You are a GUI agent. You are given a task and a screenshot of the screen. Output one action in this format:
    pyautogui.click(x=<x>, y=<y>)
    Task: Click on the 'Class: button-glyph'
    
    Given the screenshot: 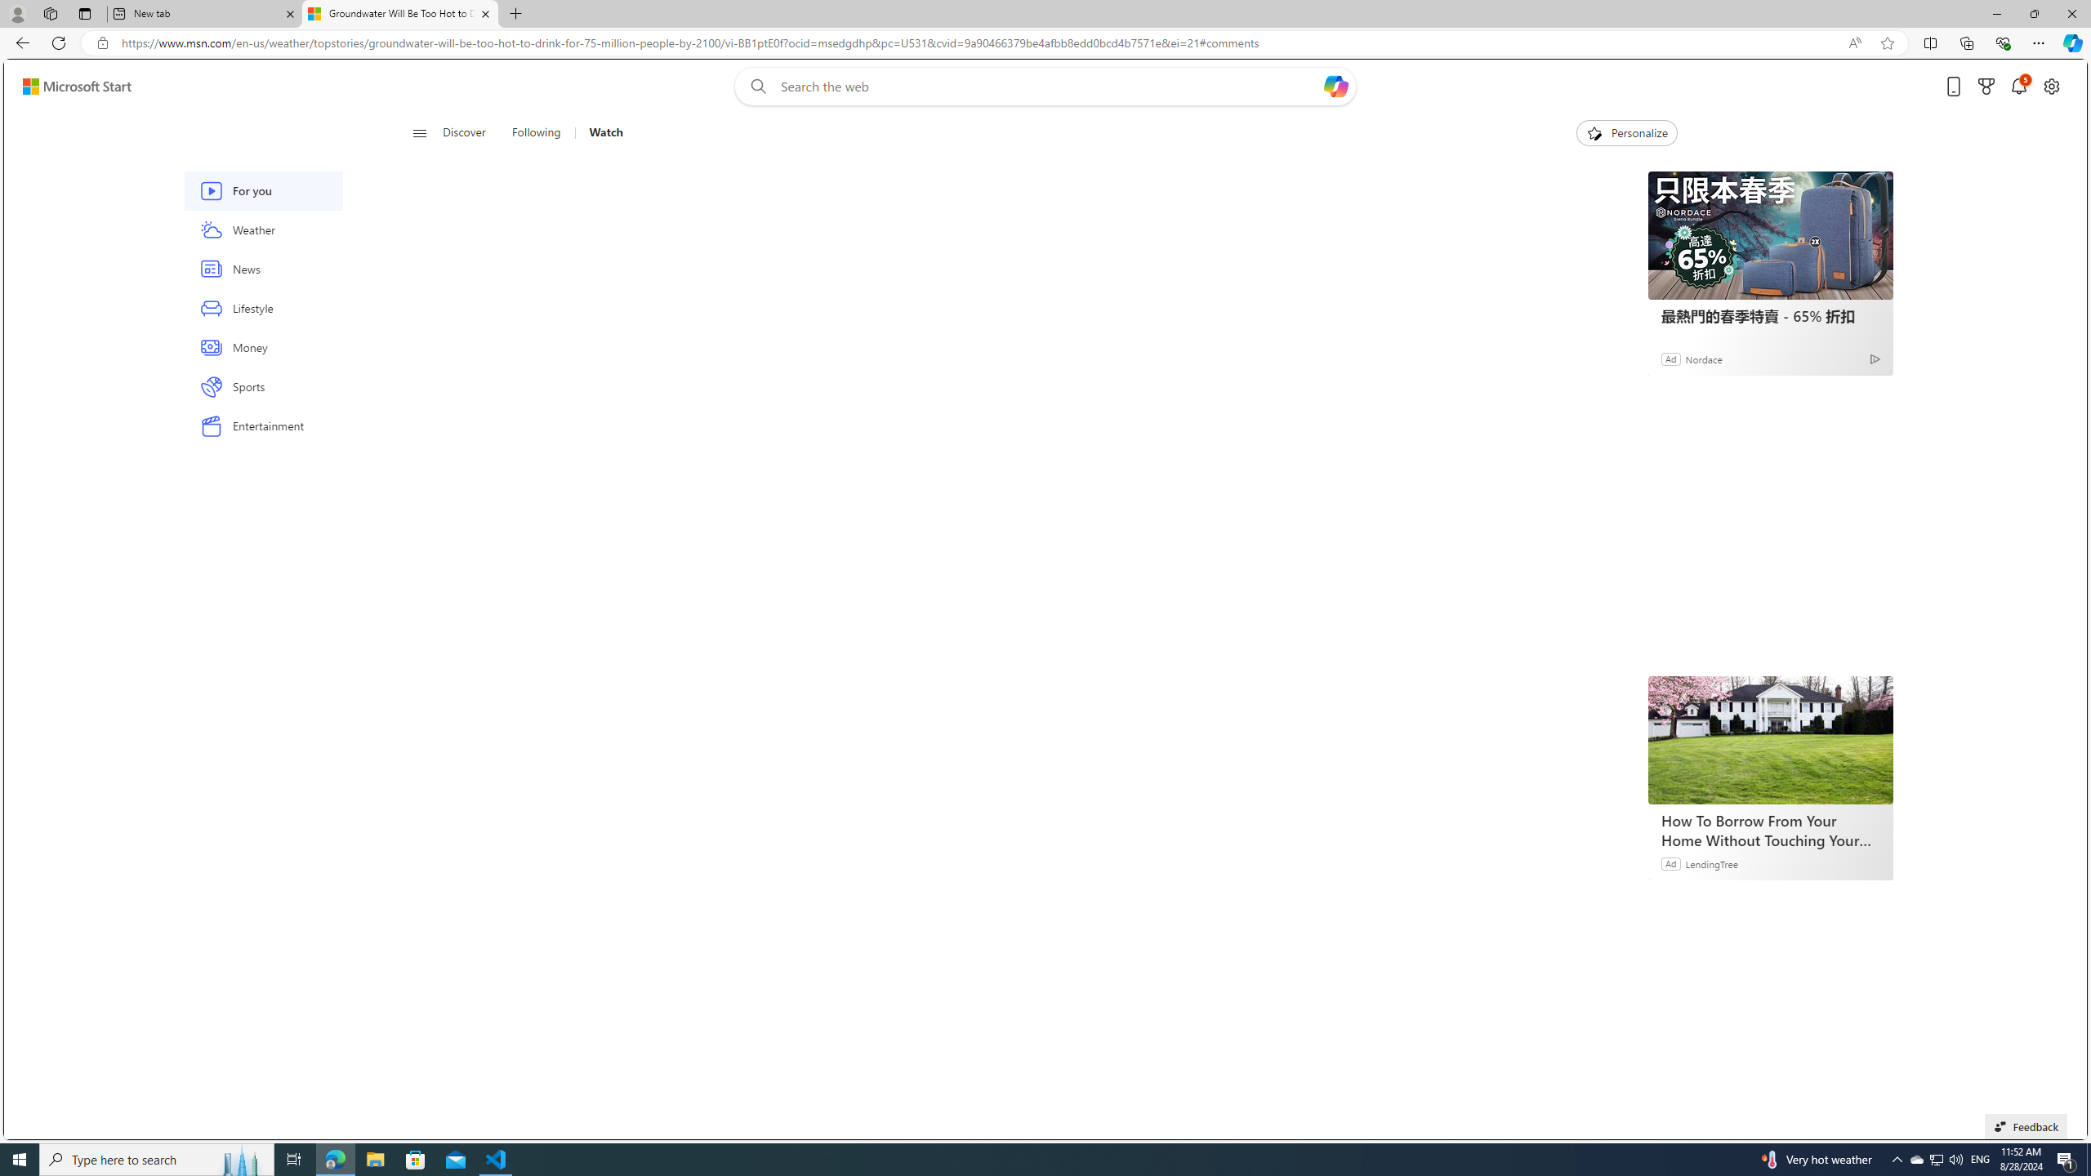 What is the action you would take?
    pyautogui.click(x=419, y=132)
    